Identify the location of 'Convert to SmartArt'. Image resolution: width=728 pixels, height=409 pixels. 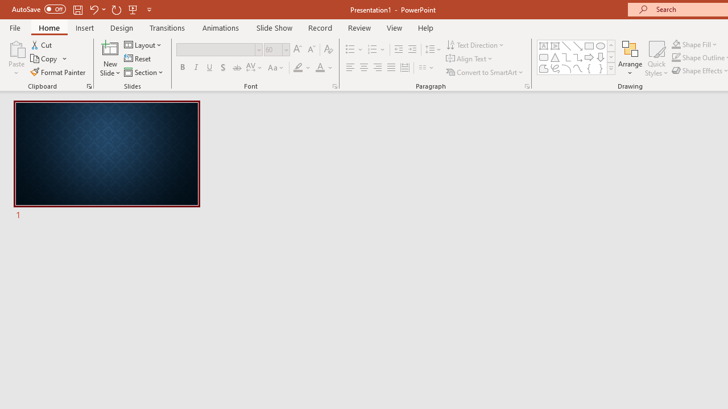
(485, 72).